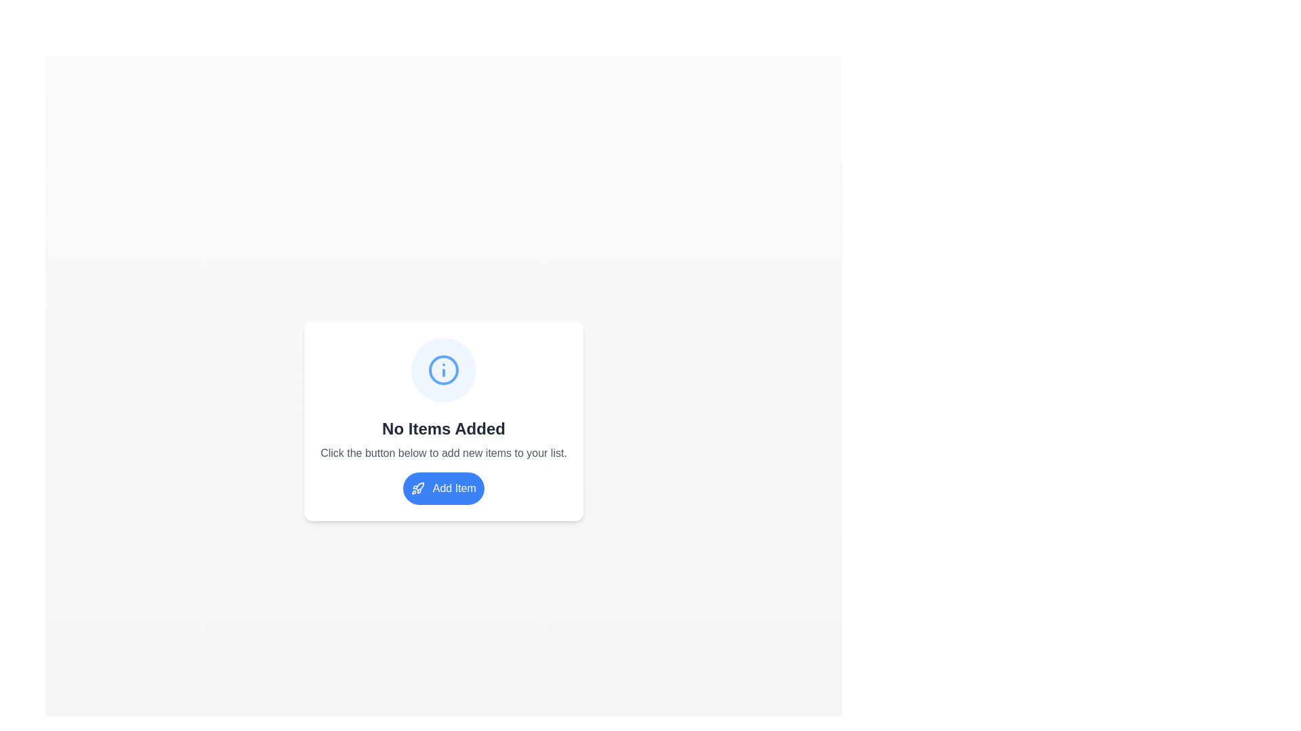  Describe the element at coordinates (443, 420) in the screenshot. I see `informational text on the Informational Card that states 'No Items Added' in bold, large font` at that location.